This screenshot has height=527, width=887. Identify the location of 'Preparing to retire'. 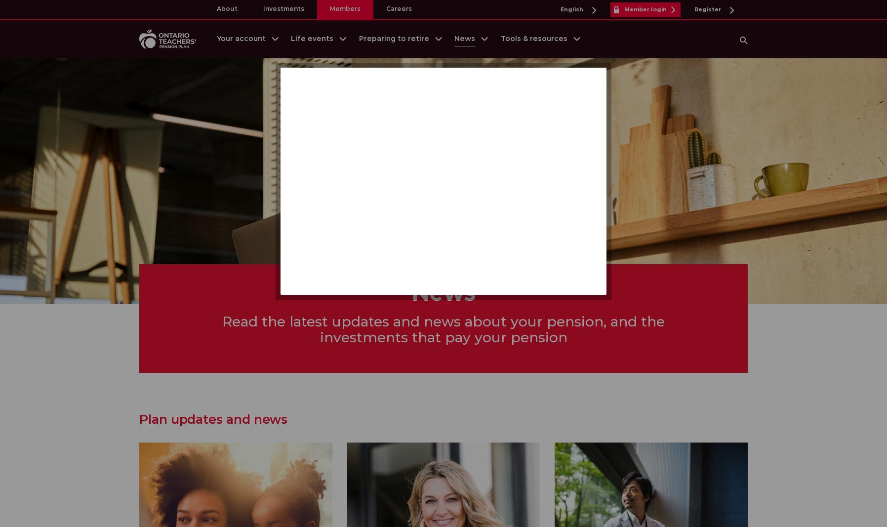
(394, 38).